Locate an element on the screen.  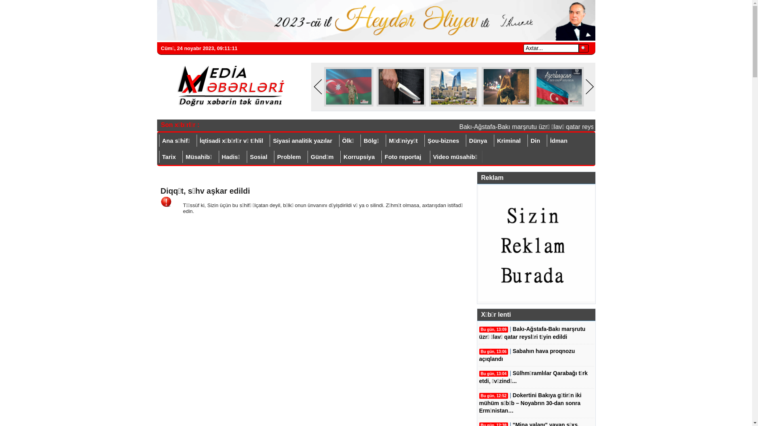
'Sosial' is located at coordinates (258, 157).